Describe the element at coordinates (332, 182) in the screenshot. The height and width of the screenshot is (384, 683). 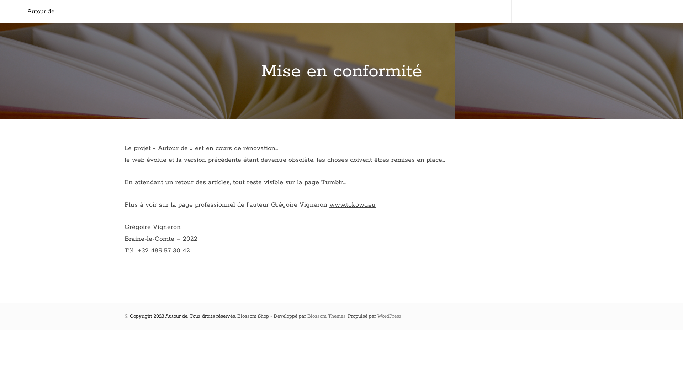
I see `'Tumblr'` at that location.